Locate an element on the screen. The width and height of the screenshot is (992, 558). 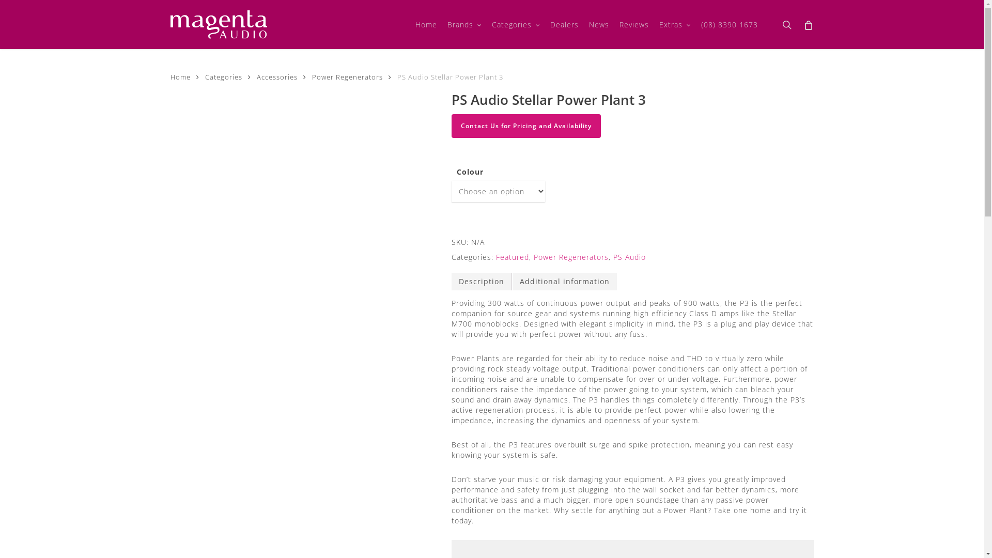
'Brands' is located at coordinates (463, 24).